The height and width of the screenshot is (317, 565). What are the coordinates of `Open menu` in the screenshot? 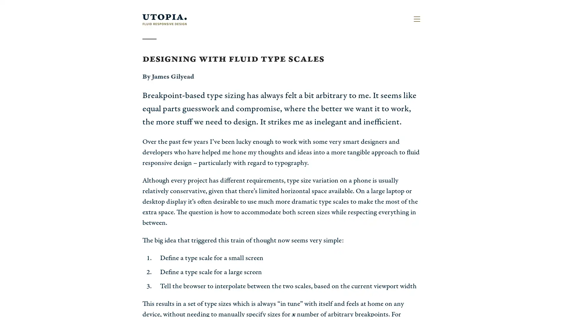 It's located at (416, 19).